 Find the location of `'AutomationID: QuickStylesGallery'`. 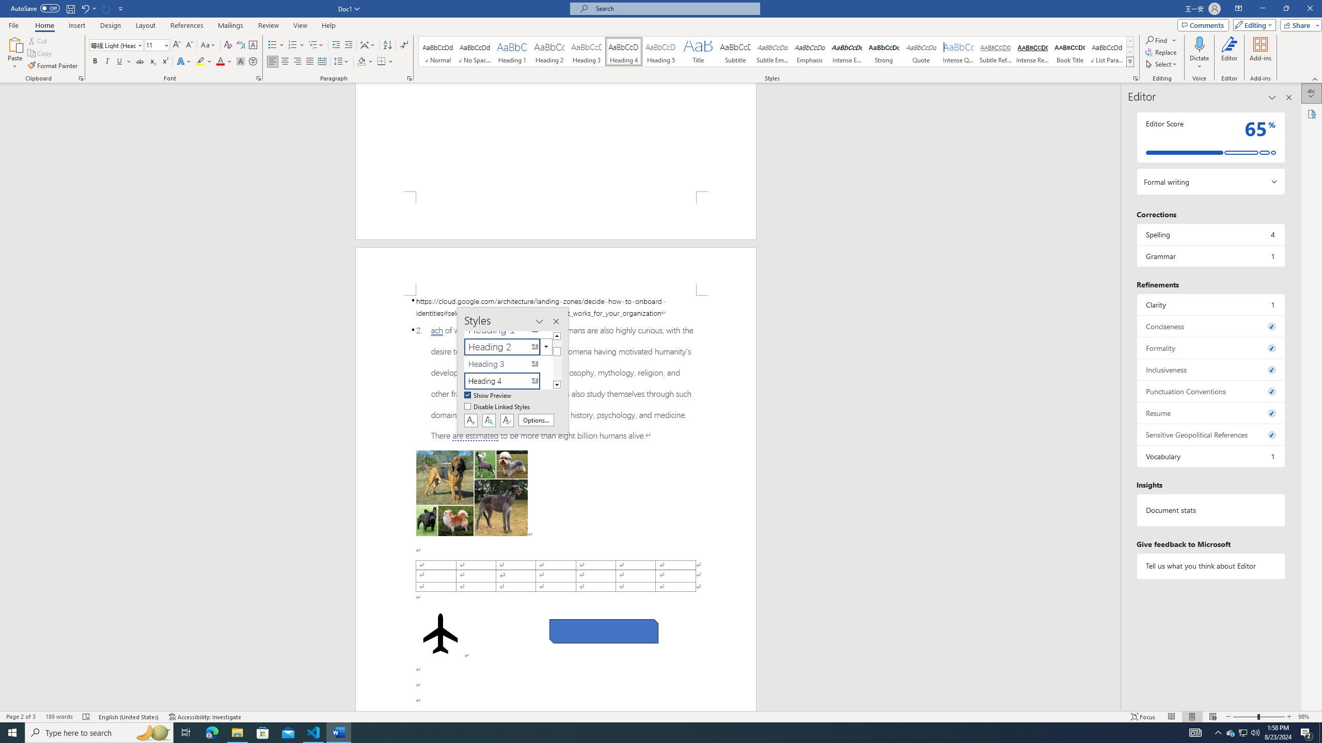

'AutomationID: QuickStylesGallery' is located at coordinates (777, 51).